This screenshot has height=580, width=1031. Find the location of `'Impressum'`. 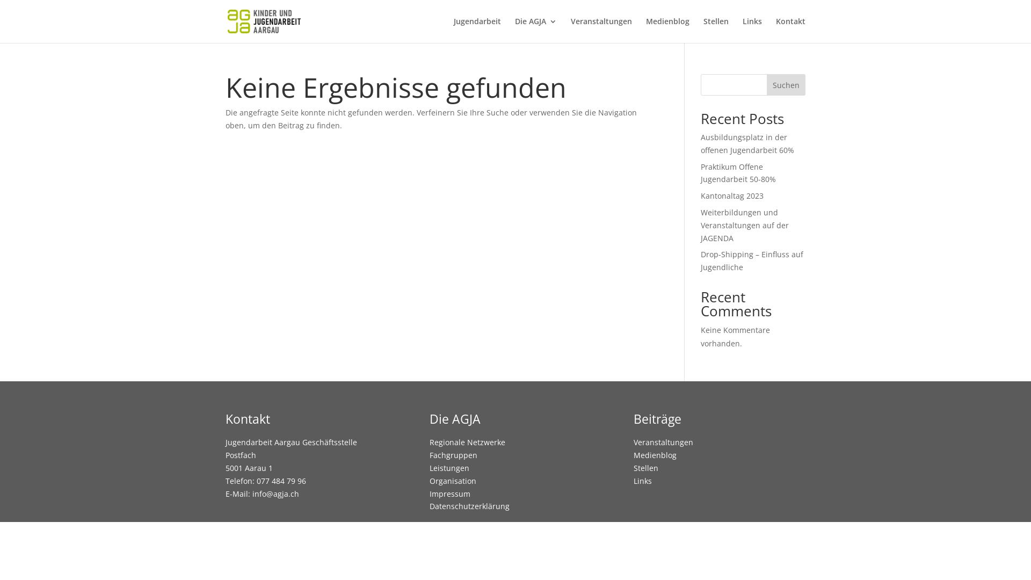

'Impressum' is located at coordinates (450, 494).